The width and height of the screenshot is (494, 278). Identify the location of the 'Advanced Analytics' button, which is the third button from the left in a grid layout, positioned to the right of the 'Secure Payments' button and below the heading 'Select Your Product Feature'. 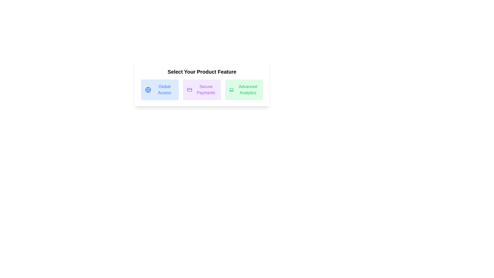
(244, 89).